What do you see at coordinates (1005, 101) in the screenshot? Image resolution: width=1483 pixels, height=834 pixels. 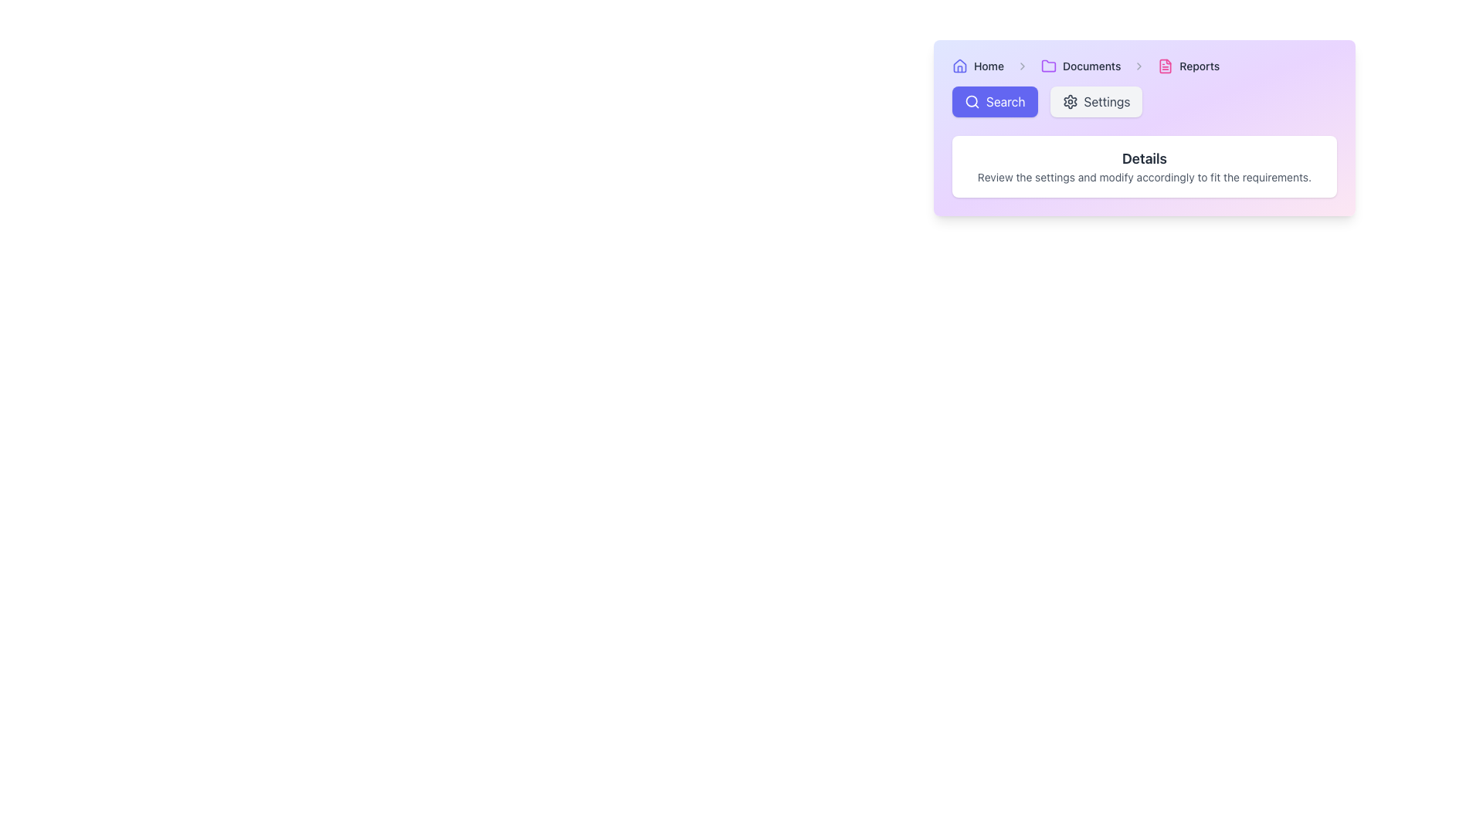 I see `the button that contains the text label indicating a search action, located in the top-left section of the purple header bar, to the right of the magnifying glass icon` at bounding box center [1005, 101].